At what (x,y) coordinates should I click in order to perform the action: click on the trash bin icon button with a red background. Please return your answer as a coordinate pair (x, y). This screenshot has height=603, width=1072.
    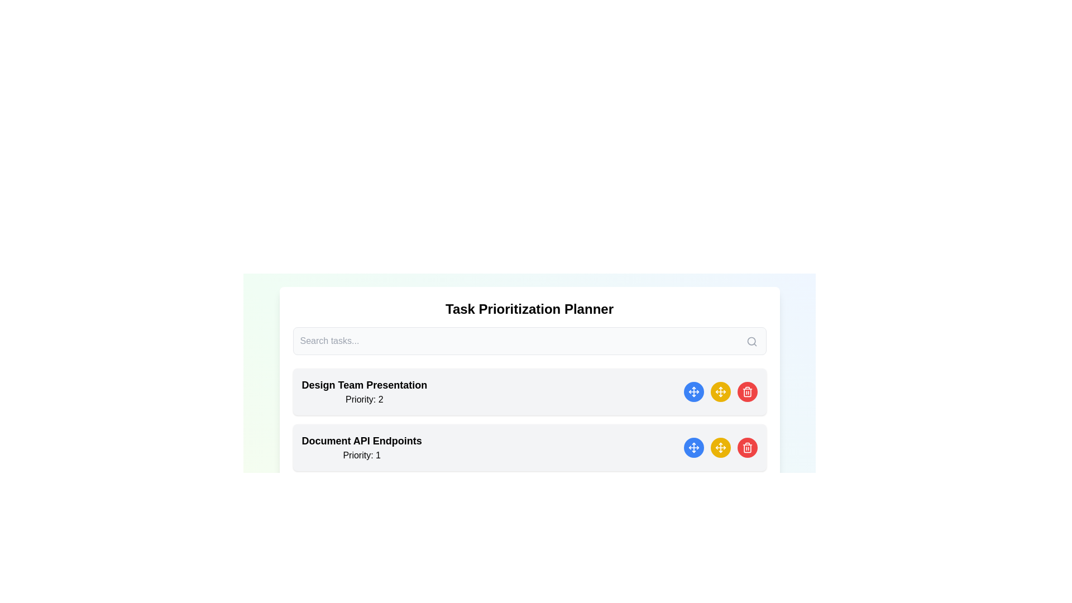
    Looking at the image, I should click on (747, 447).